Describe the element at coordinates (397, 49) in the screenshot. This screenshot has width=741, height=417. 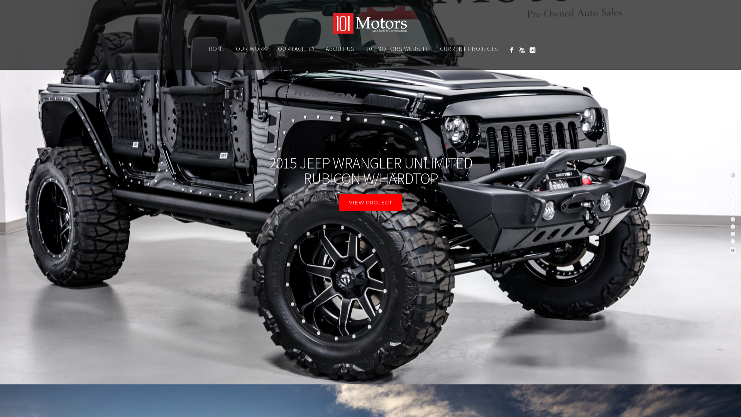
I see `'101 MOTORS WEBSITE'` at that location.